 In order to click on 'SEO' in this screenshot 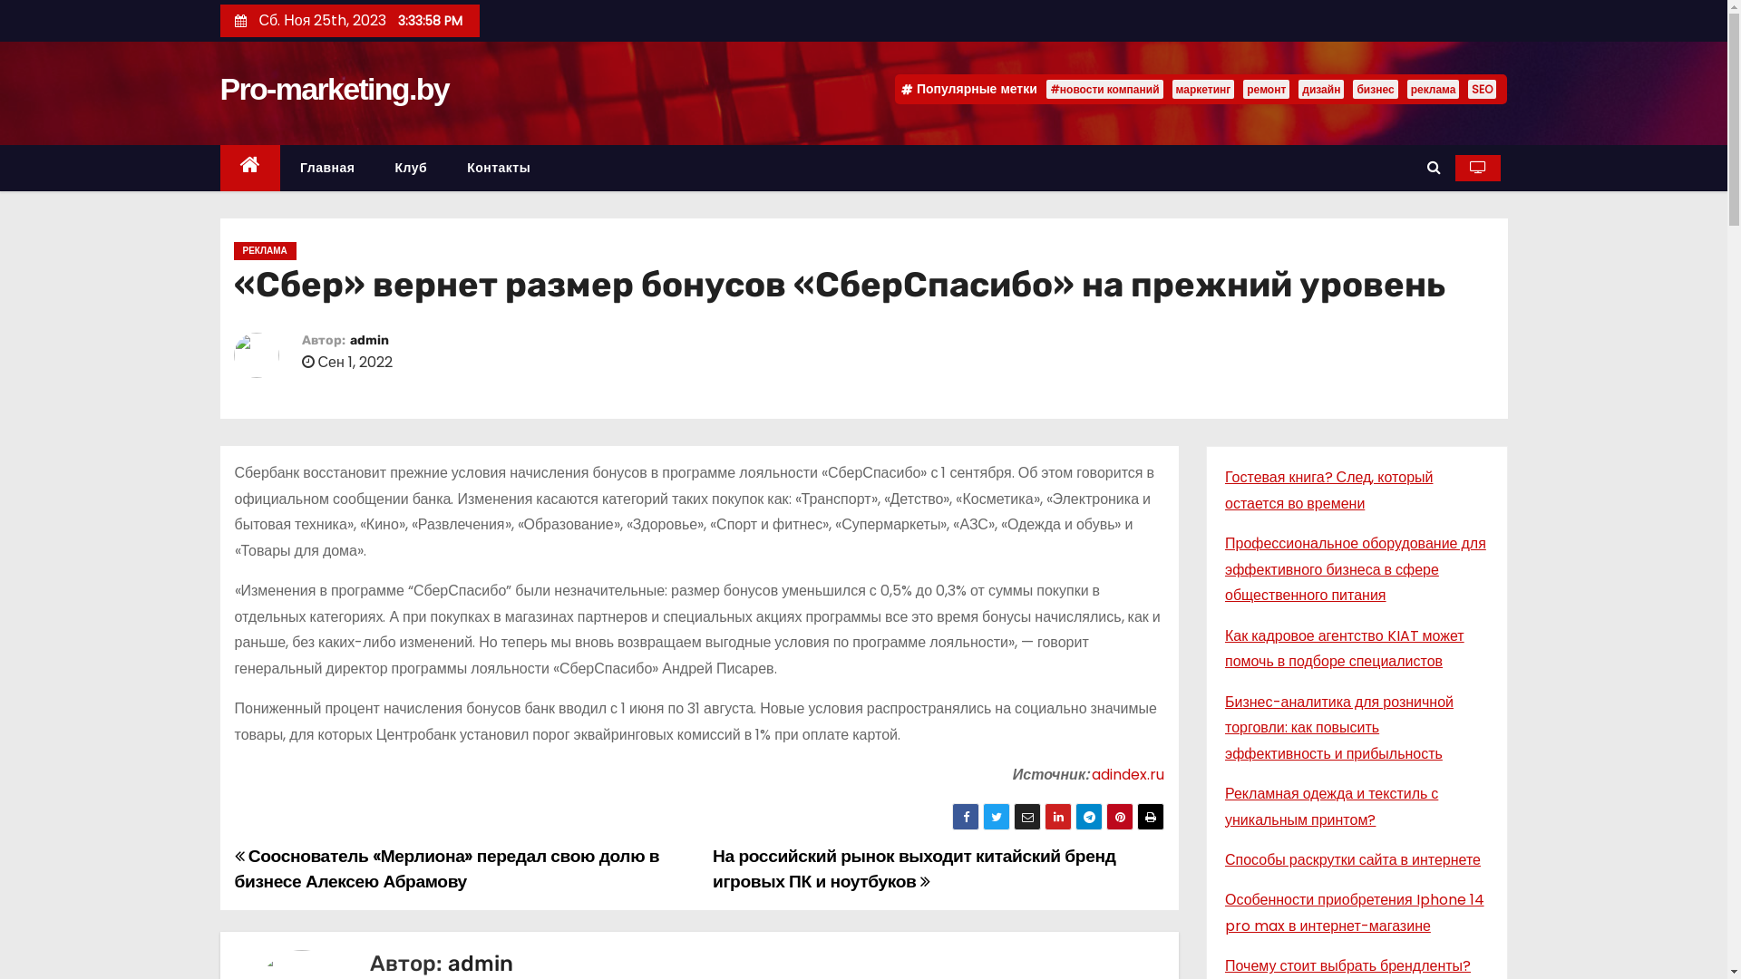, I will do `click(1482, 89)`.